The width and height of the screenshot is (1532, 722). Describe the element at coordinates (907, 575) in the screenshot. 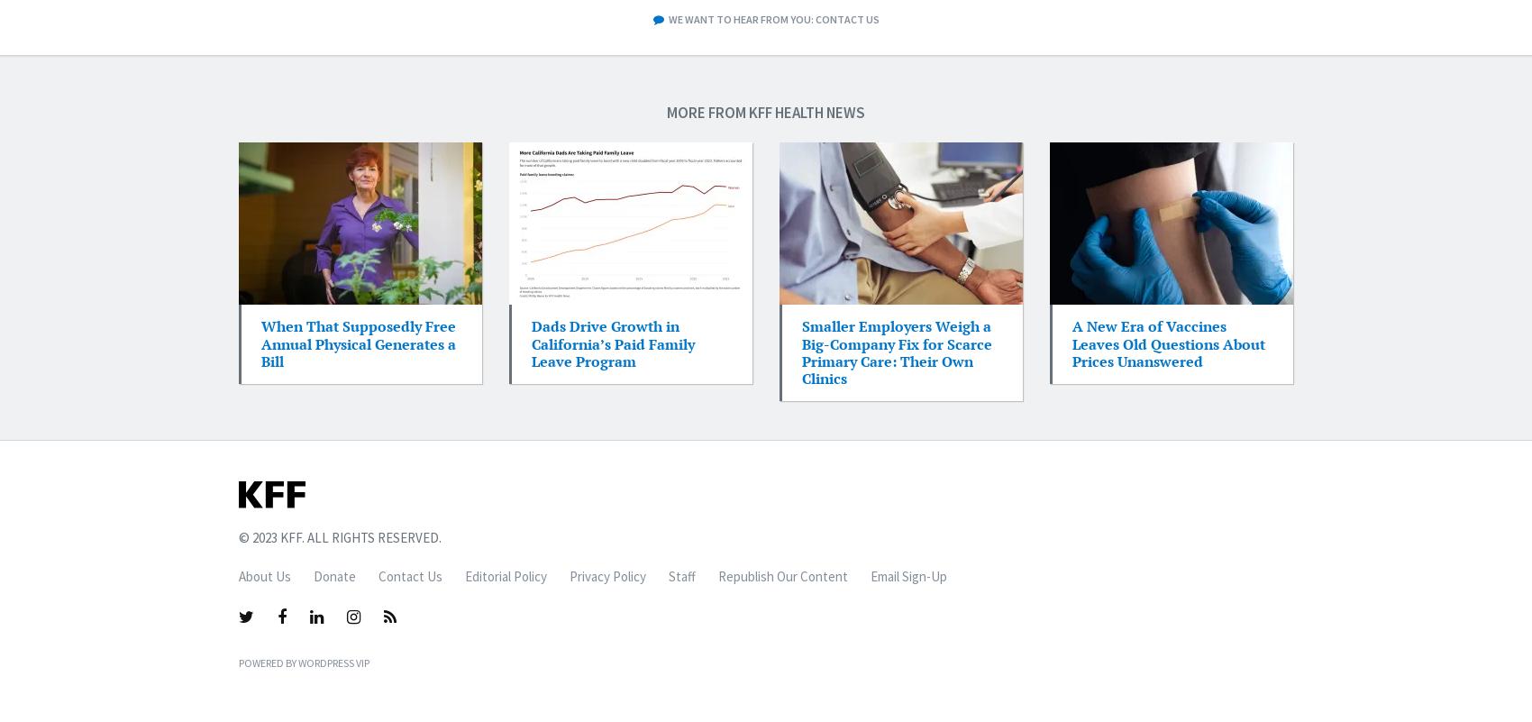

I see `'Email Sign-Up'` at that location.